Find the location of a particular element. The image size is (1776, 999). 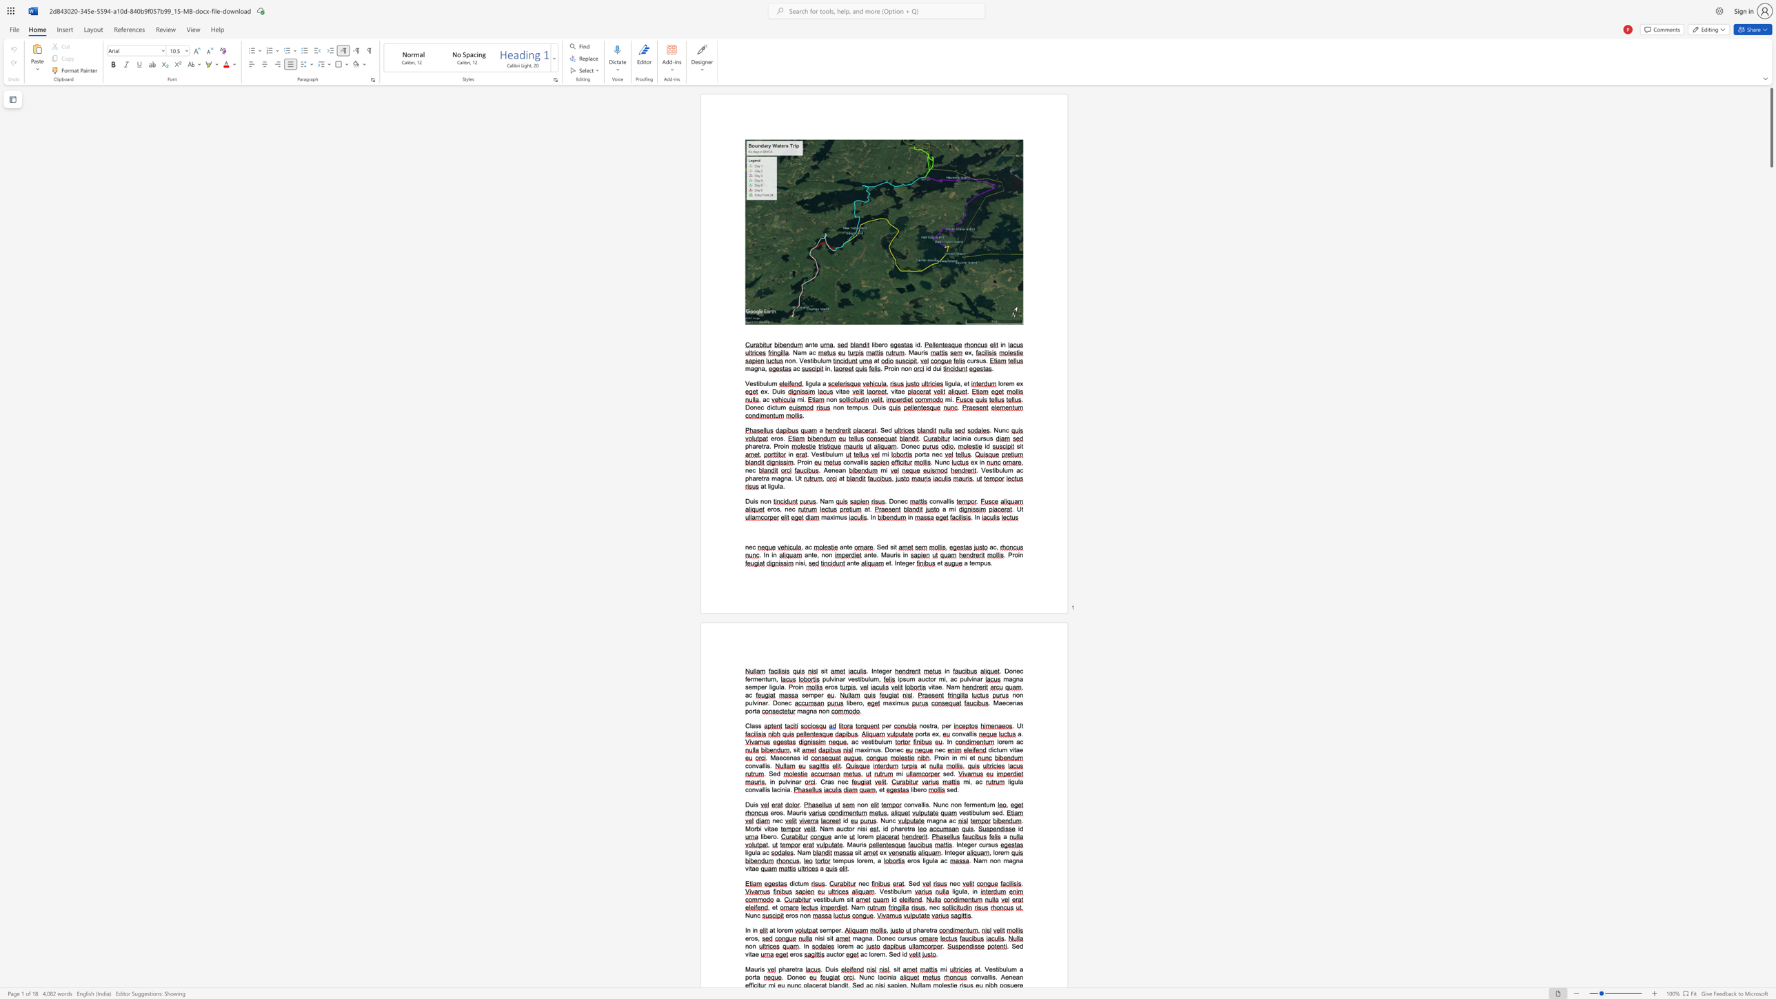

the 1th character "M" in the text is located at coordinates (996, 702).